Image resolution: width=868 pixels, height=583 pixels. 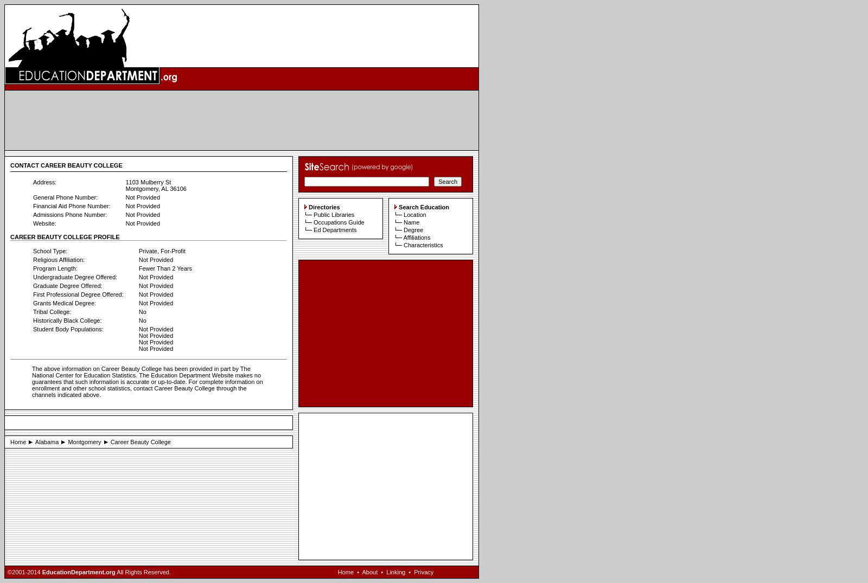 I want to click on 'Program Length:', so click(x=54, y=268).